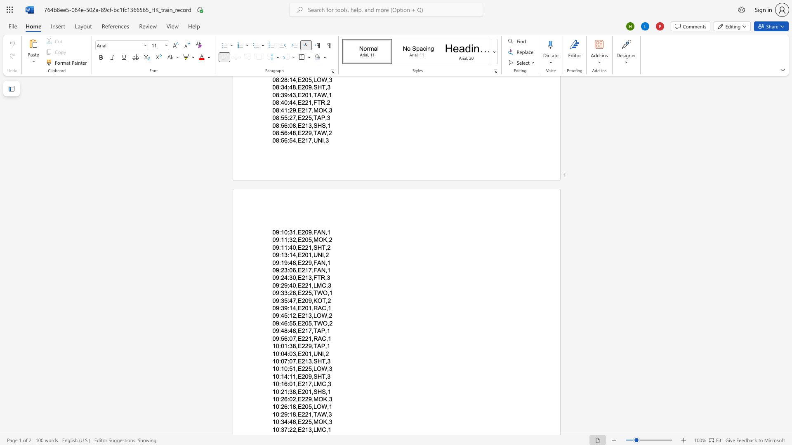 The height and width of the screenshot is (445, 792). I want to click on the subset text ",3" within the text "10:16:01,E217,LMC,3", so click(325, 384).